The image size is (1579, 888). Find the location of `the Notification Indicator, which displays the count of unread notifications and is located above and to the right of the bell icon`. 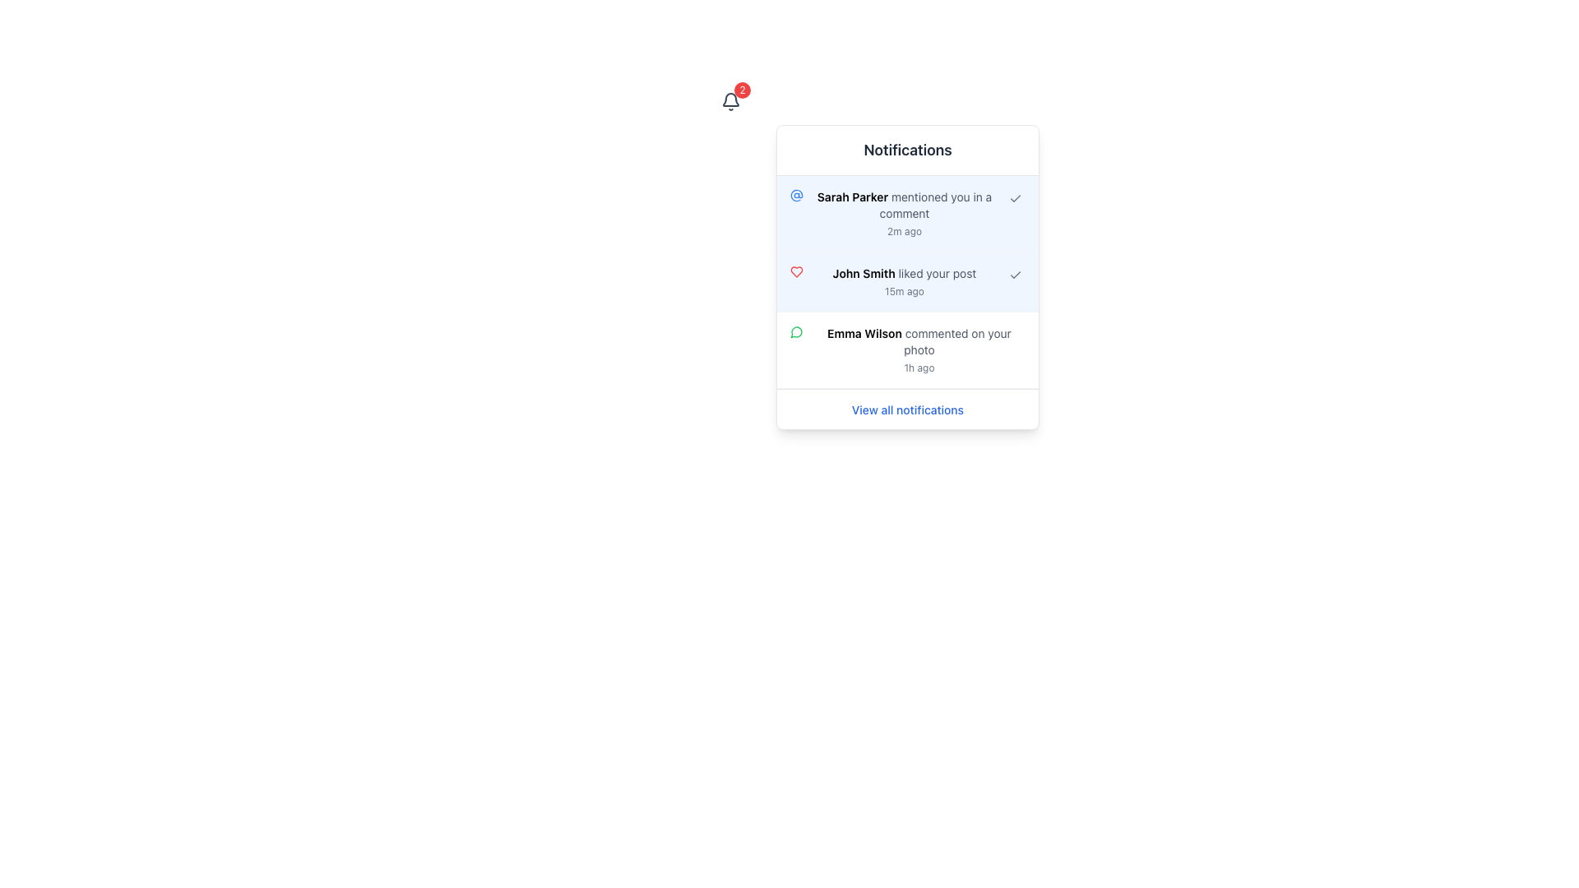

the Notification Indicator, which displays the count of unread notifications and is located above and to the right of the bell icon is located at coordinates (741, 90).